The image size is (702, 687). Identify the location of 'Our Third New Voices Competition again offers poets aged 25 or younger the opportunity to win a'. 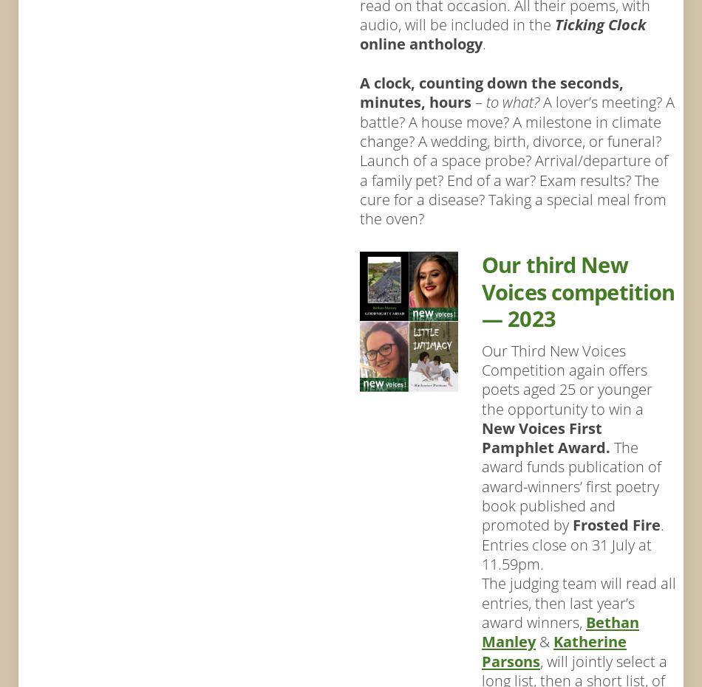
(565, 379).